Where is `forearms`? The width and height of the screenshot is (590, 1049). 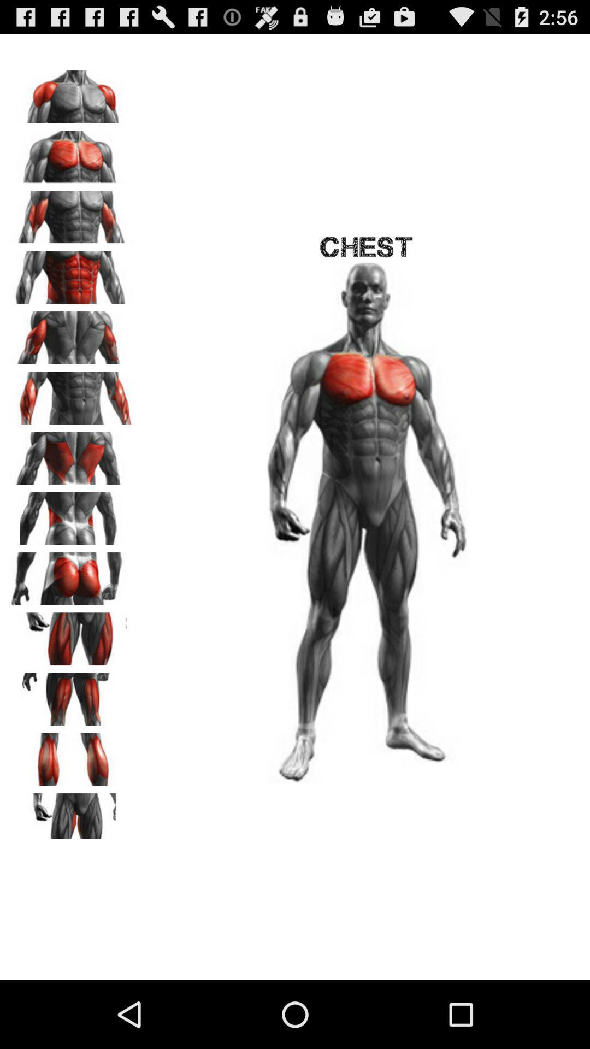
forearms is located at coordinates (72, 393).